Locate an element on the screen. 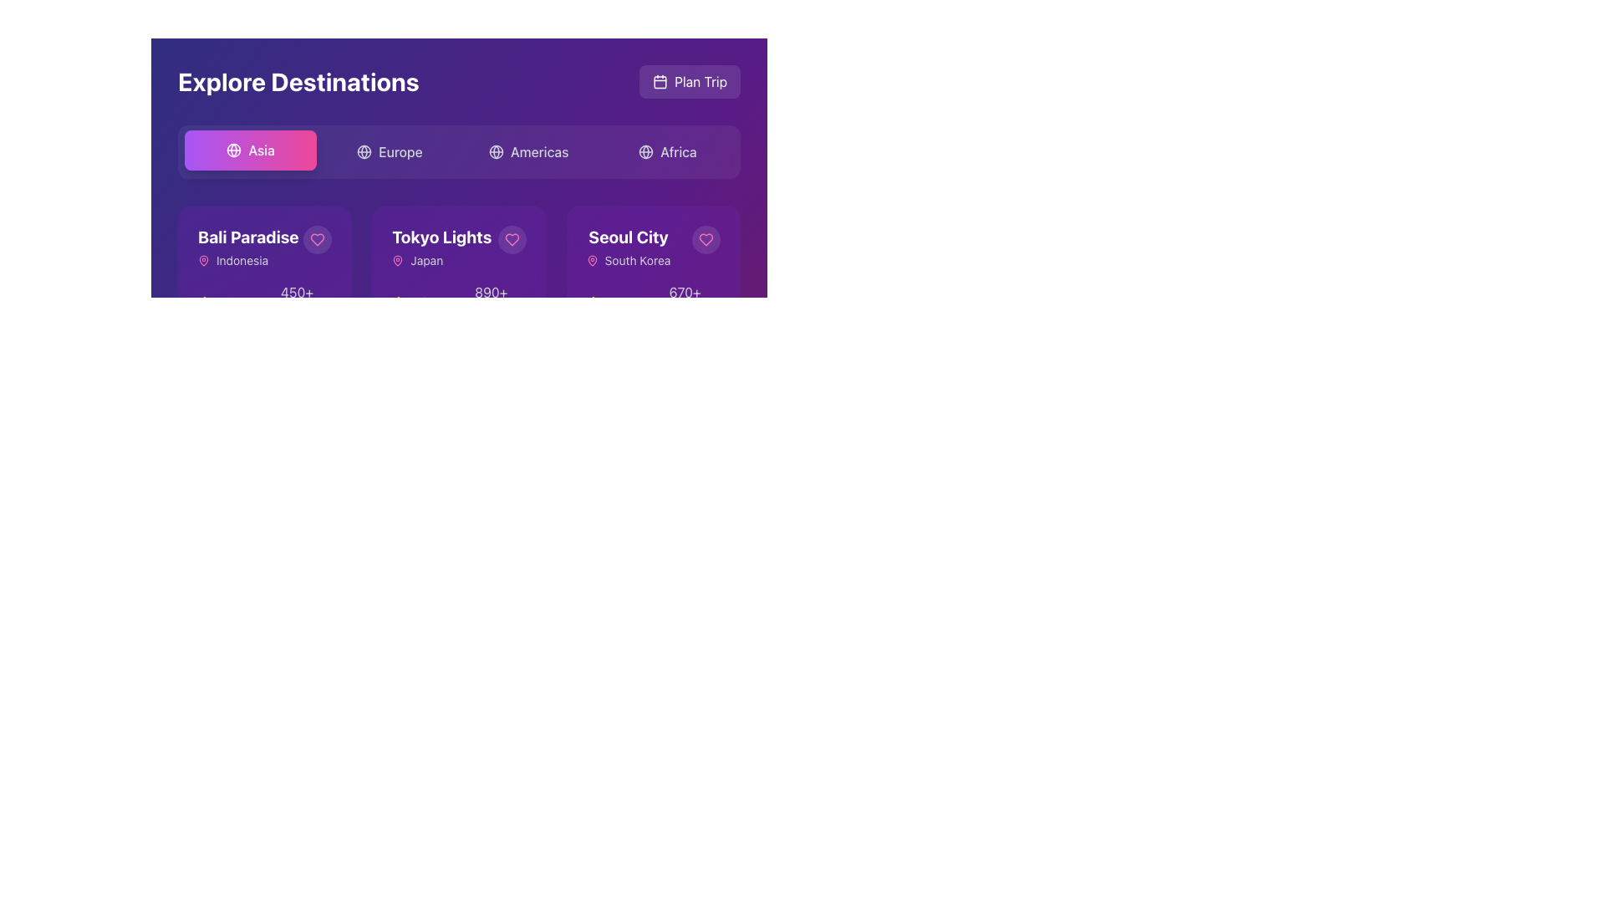 The height and width of the screenshot is (903, 1605). the text label displaying 'Bali Paradise' in bold, large, white font on a purple background, located in the upper section of a destination card is located at coordinates (247, 237).